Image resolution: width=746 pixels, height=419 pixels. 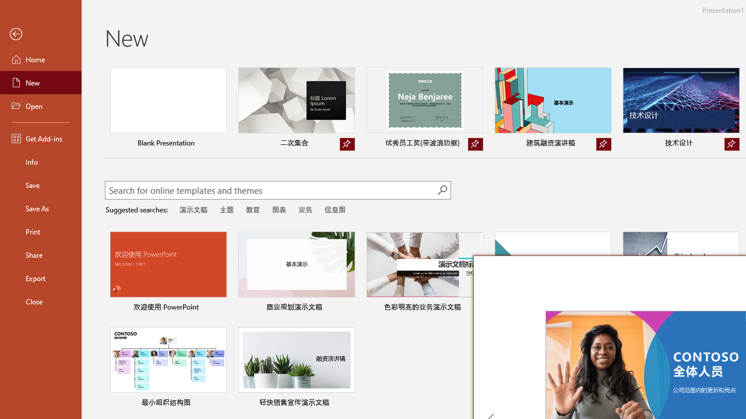 I want to click on 'Export', so click(x=40, y=278).